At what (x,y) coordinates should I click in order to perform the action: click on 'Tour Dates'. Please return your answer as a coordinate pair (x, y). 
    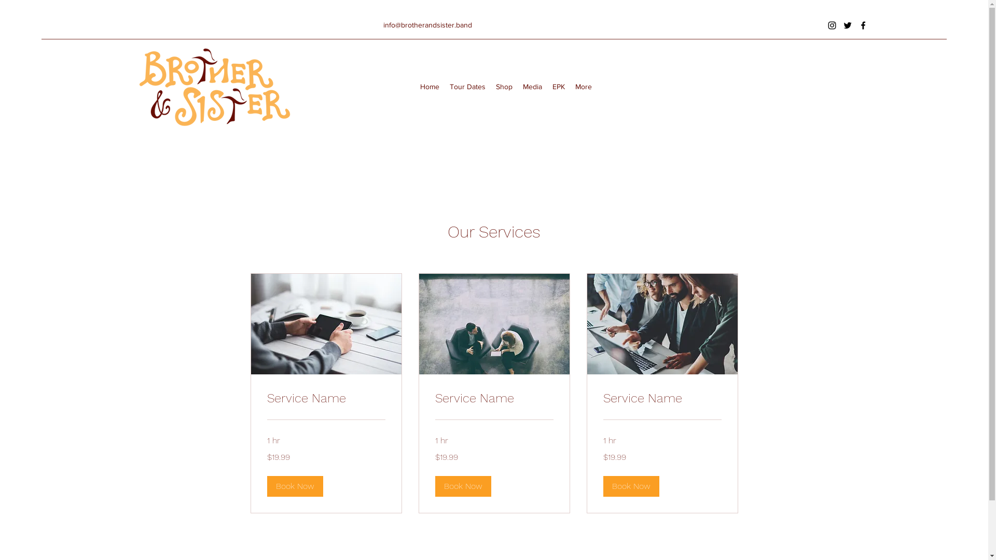
    Looking at the image, I should click on (445, 86).